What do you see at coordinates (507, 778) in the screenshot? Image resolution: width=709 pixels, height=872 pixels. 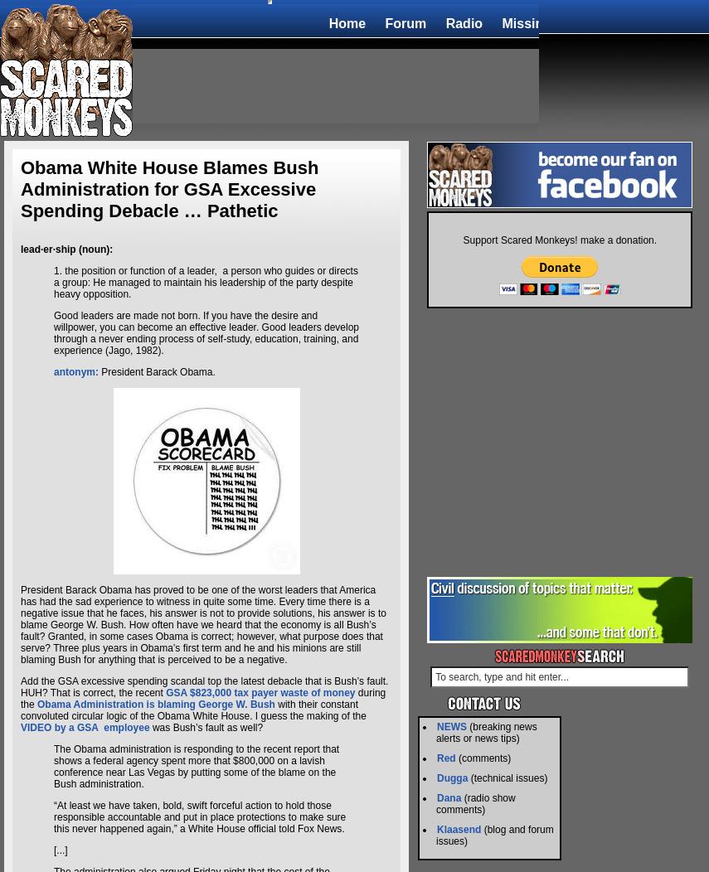 I see `'(technical issues)'` at bounding box center [507, 778].